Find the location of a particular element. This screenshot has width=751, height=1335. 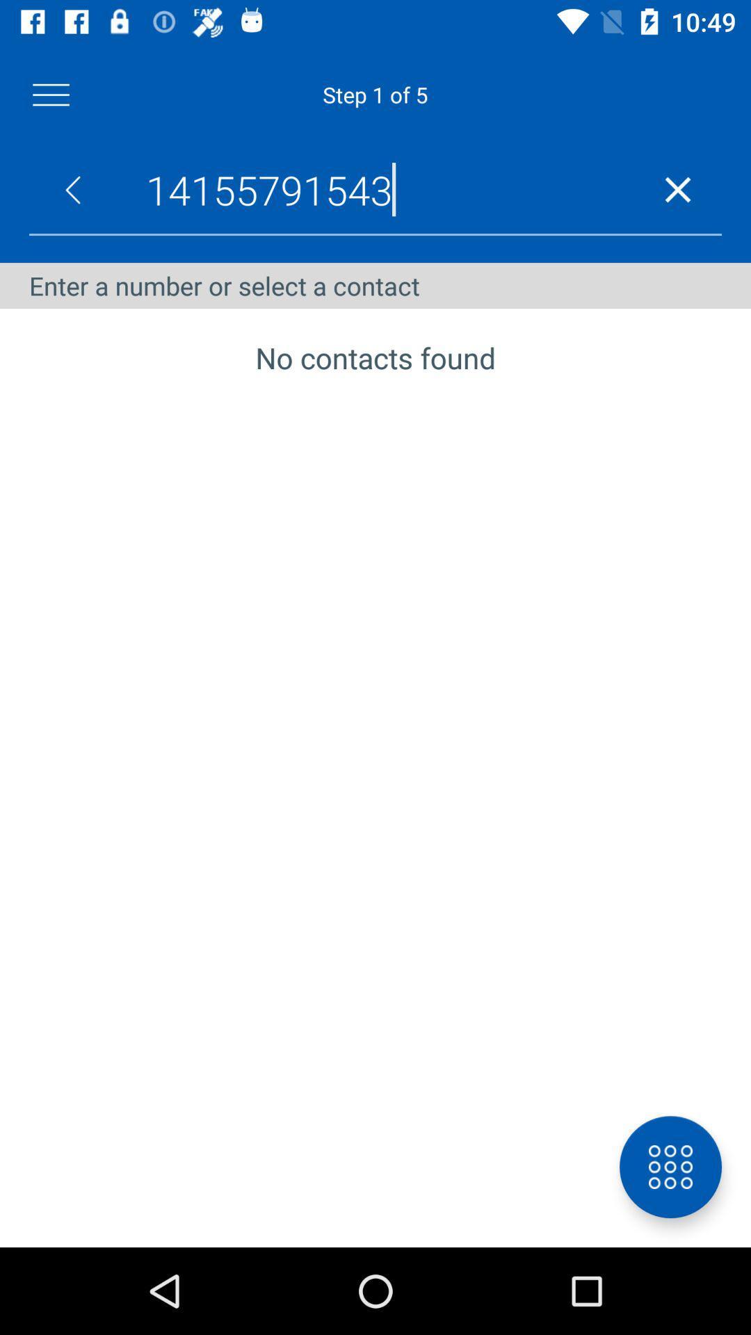

the close icon is located at coordinates (677, 189).